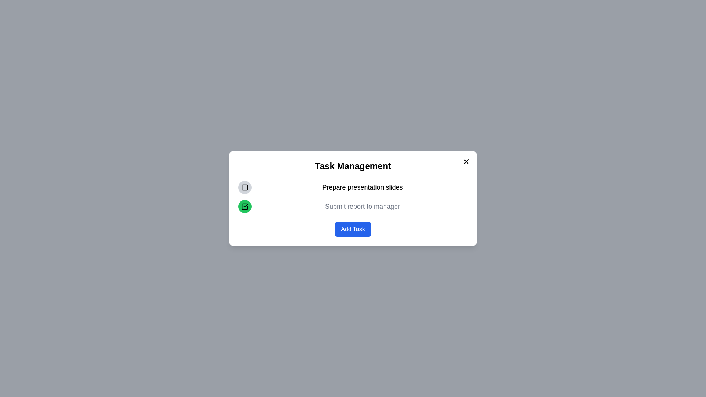  Describe the element at coordinates (466, 161) in the screenshot. I see `the 'X' icon located in the top-right corner of the 'Task Management' modal dialog` at that location.